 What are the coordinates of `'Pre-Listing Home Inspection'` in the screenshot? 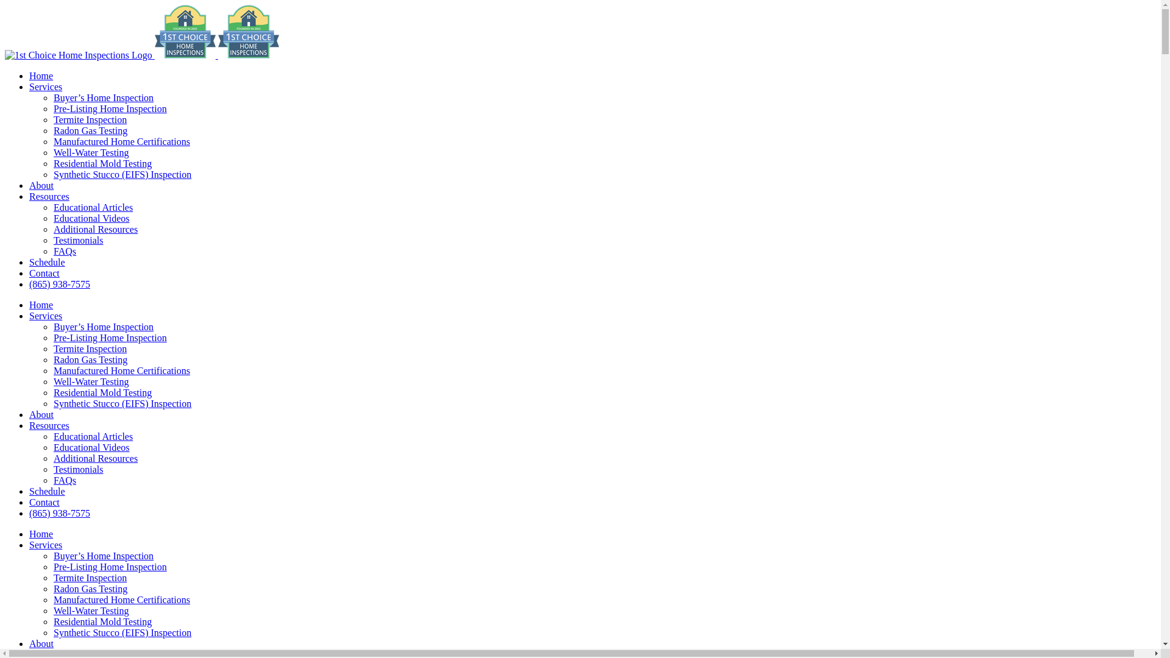 It's located at (110, 338).